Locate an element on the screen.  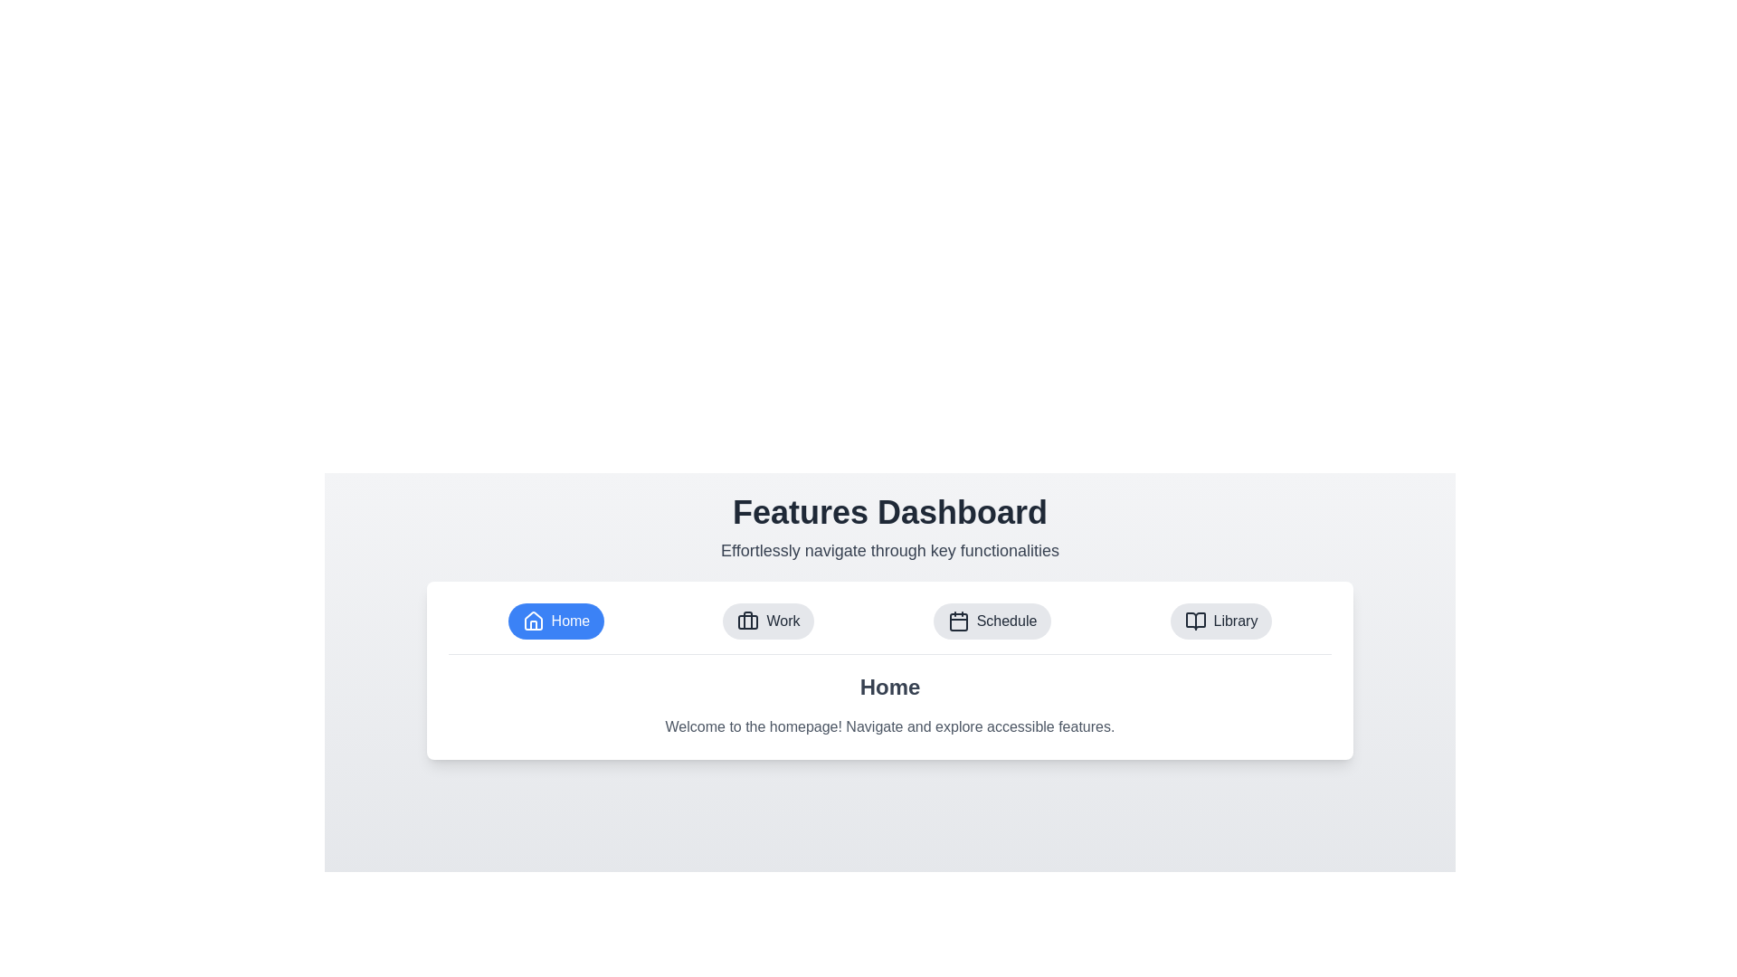
the Library tab to observe its visual feedback is located at coordinates (1220, 620).